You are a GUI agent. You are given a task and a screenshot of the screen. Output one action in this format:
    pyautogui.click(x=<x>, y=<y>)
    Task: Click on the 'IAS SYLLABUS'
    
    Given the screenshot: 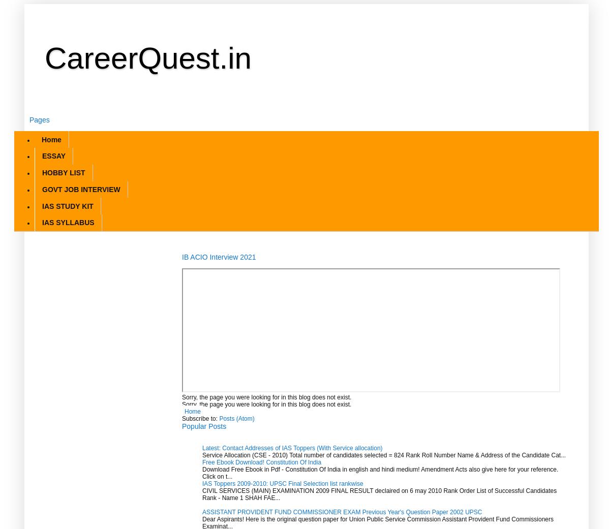 What is the action you would take?
    pyautogui.click(x=68, y=222)
    